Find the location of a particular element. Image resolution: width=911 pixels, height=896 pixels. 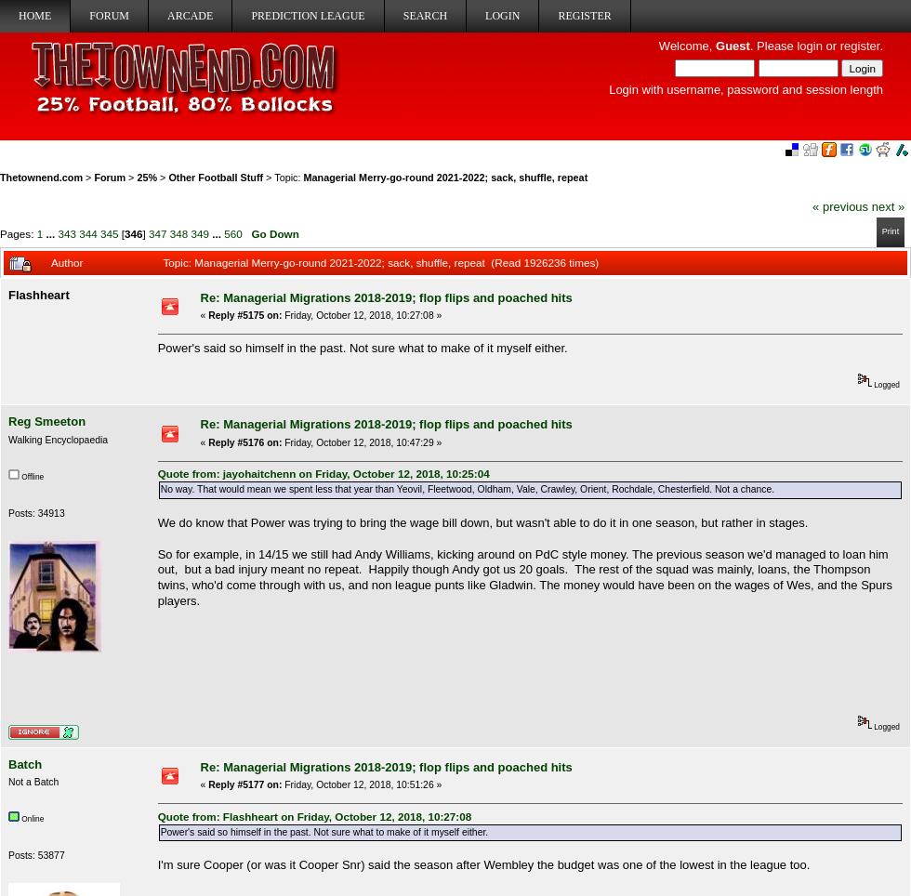

'We do know that Power was trying to bring the wage bill down, but wasn't able to do it in one season, but rather in stages.' is located at coordinates (156, 521).